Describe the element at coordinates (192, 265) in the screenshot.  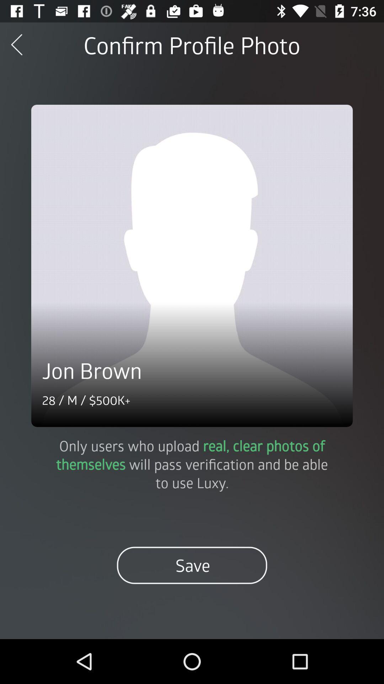
I see `icon below the confirm profile photo` at that location.